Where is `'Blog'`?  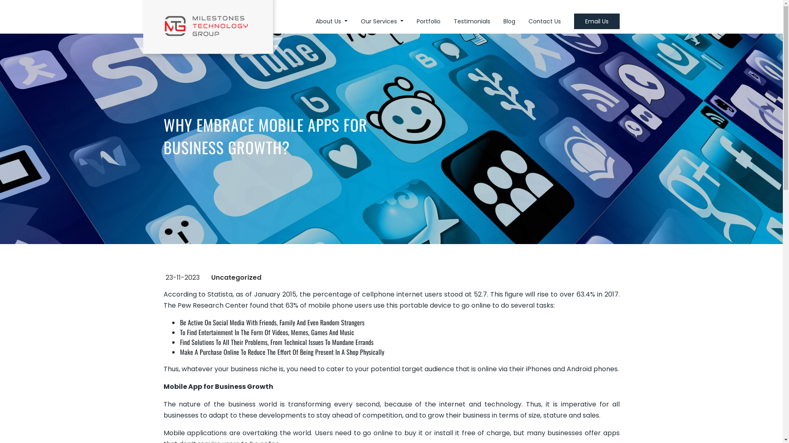
'Blog' is located at coordinates (508, 21).